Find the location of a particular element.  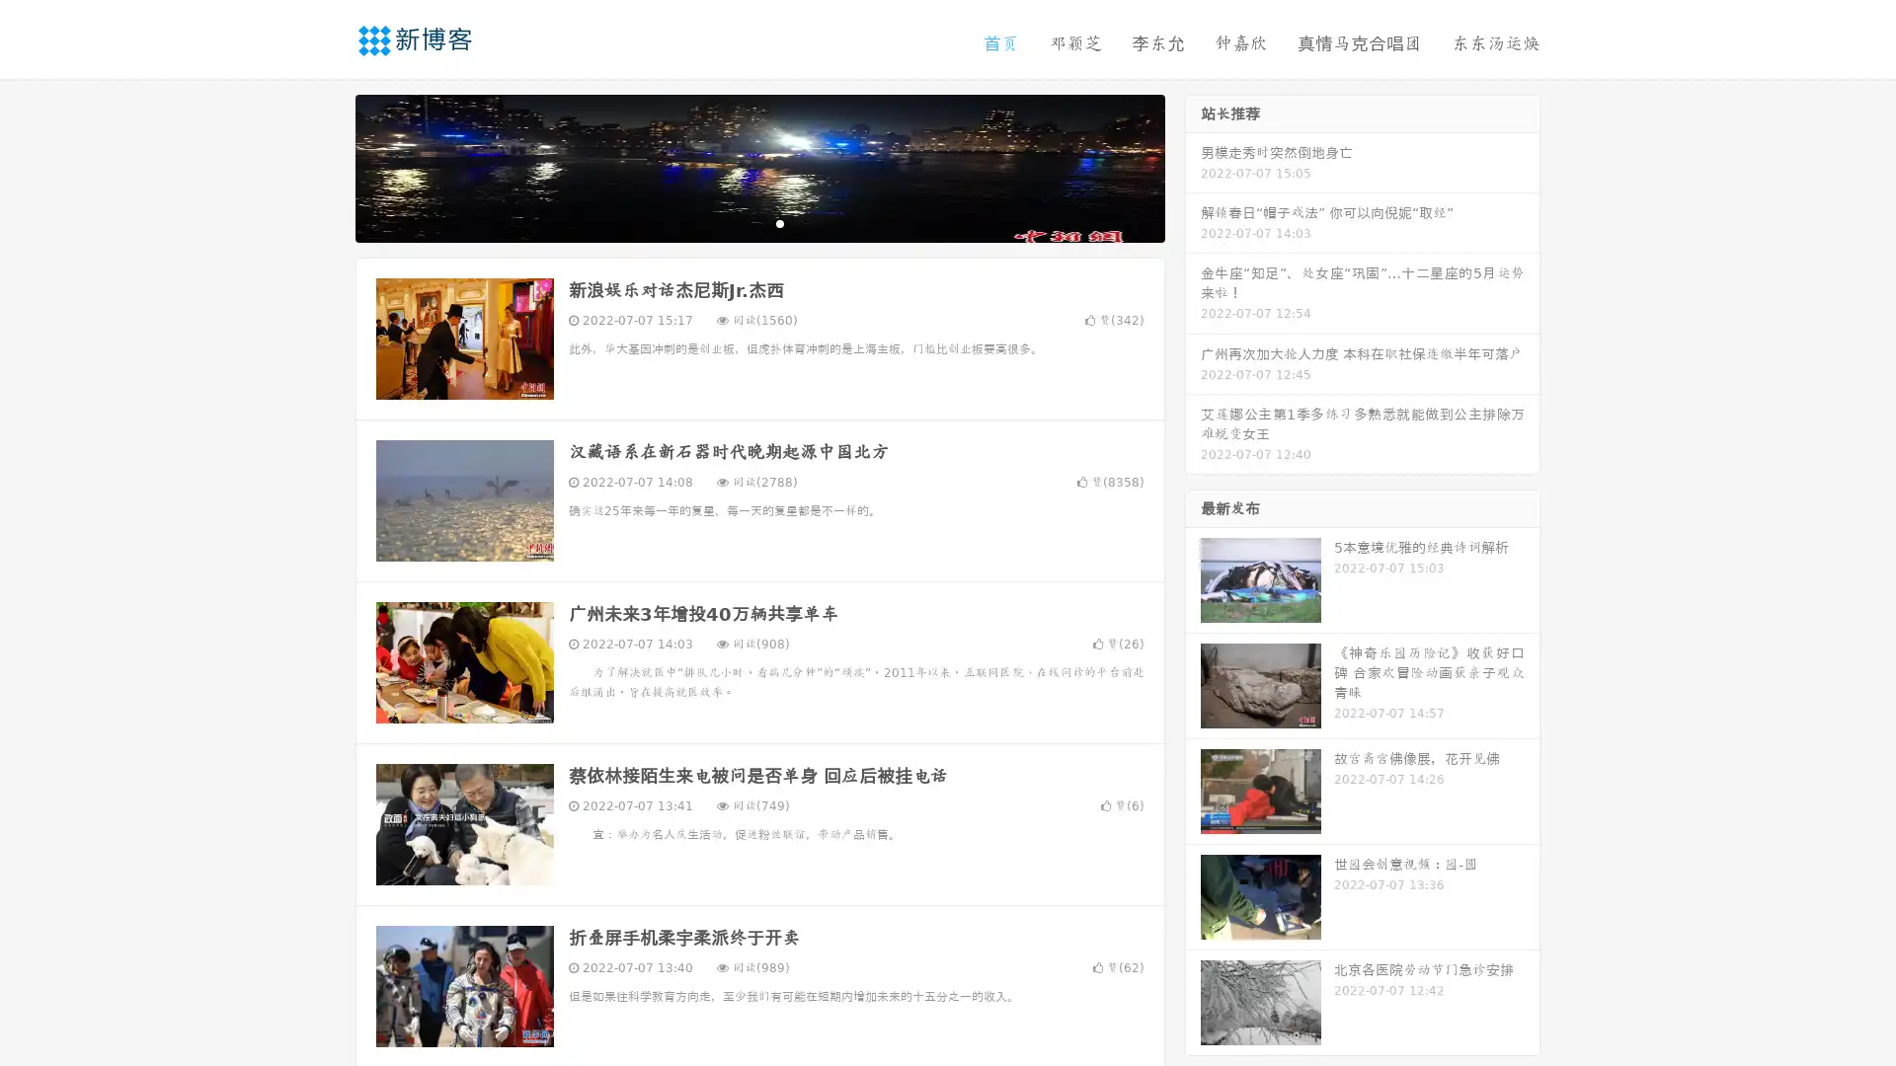

Go to slide 2 is located at coordinates (758, 222).